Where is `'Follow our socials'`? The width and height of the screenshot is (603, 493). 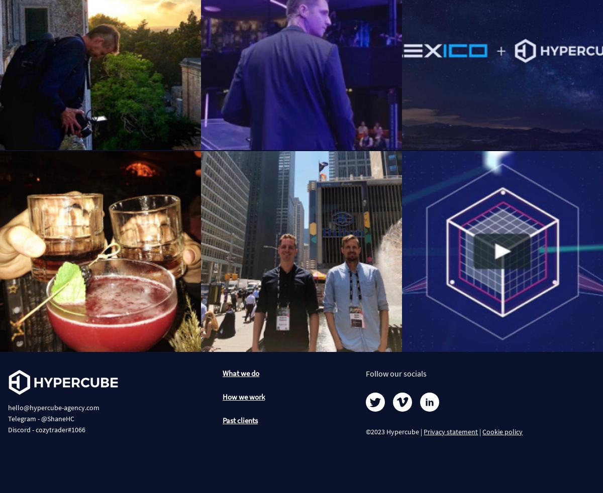 'Follow our socials' is located at coordinates (395, 373).